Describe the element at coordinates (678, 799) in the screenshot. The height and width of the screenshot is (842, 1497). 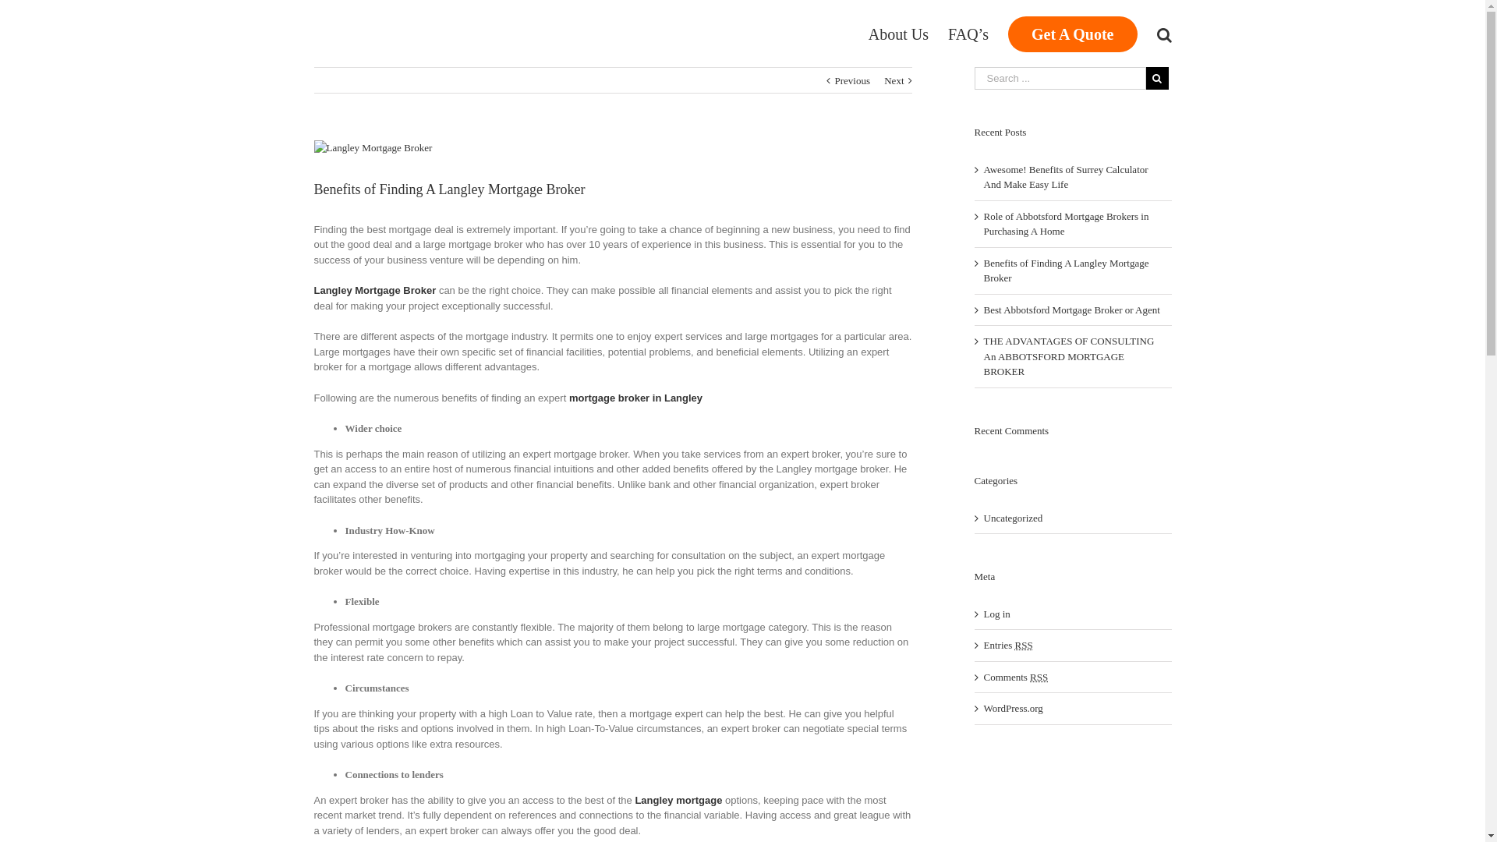
I see `'Langley mortgage'` at that location.